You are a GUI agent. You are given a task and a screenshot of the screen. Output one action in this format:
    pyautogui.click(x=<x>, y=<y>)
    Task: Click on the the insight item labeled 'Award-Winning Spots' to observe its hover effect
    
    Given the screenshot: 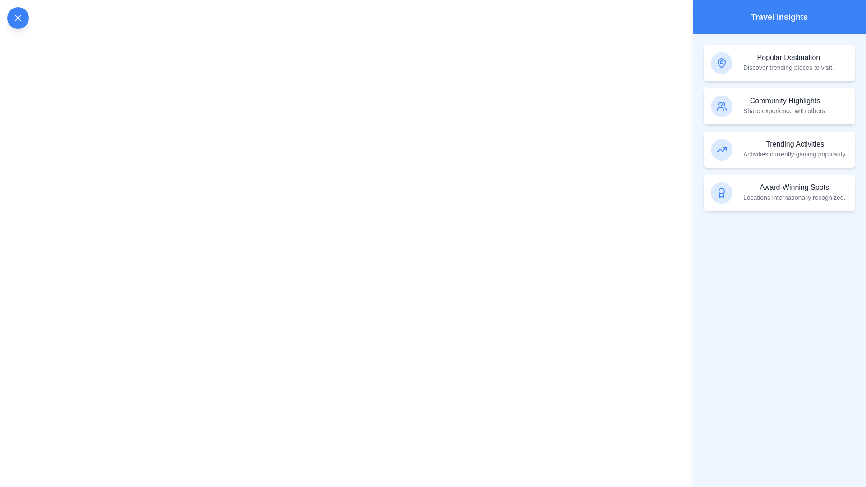 What is the action you would take?
    pyautogui.click(x=779, y=193)
    